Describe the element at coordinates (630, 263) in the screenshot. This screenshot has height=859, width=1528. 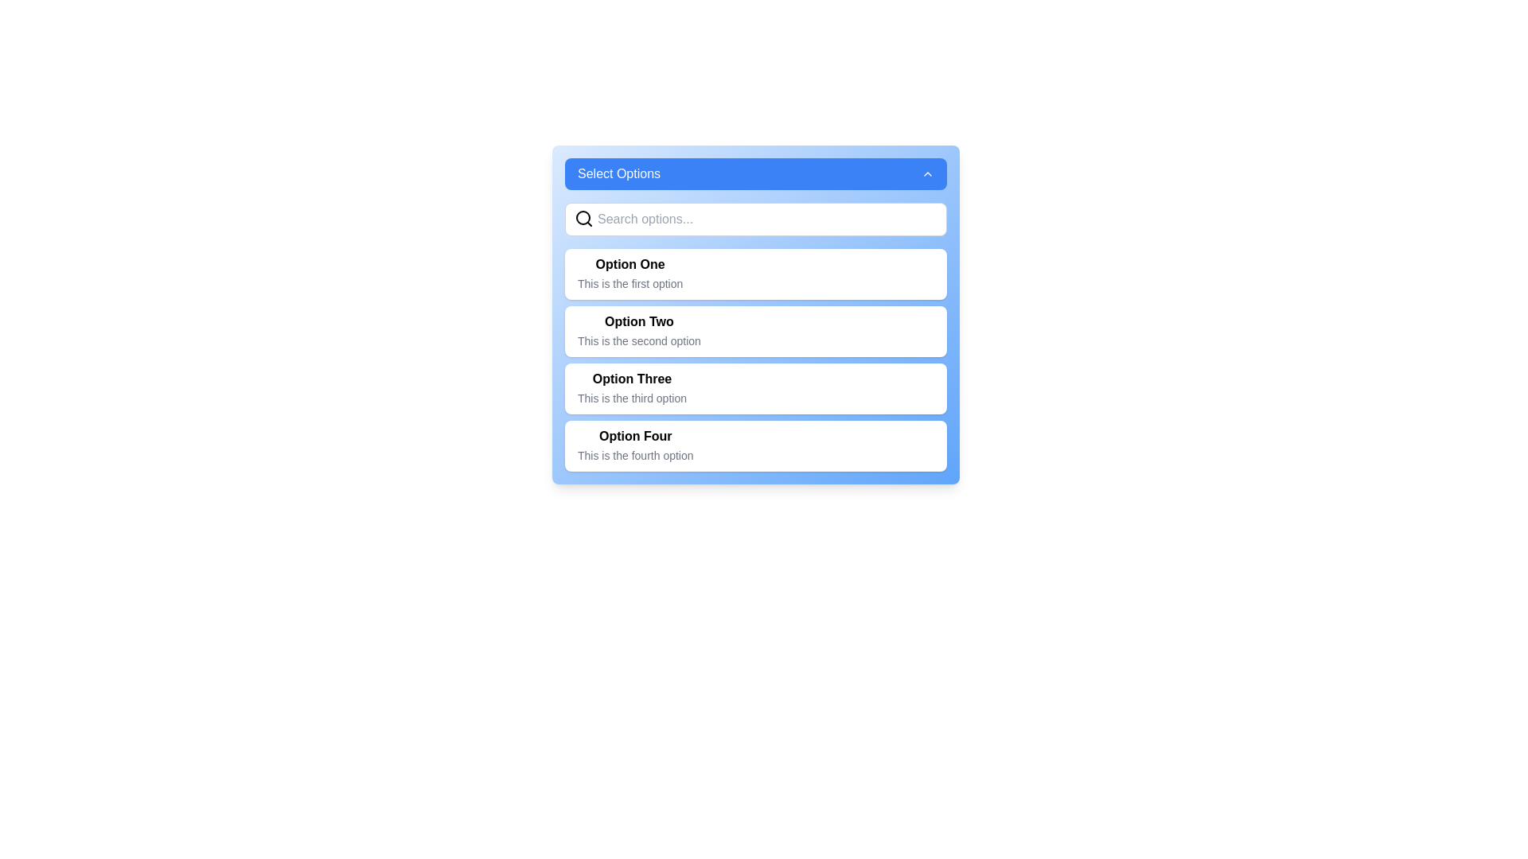
I see `the bold text label reading 'Option One', which is positioned at the top of the dropdown list above its sibling element with supporting text` at that location.